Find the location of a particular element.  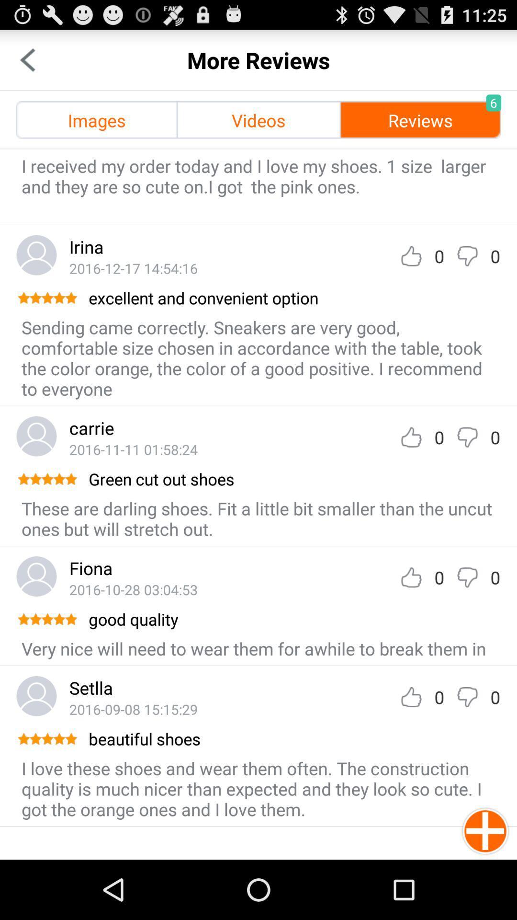

thumbs up is located at coordinates (411, 697).